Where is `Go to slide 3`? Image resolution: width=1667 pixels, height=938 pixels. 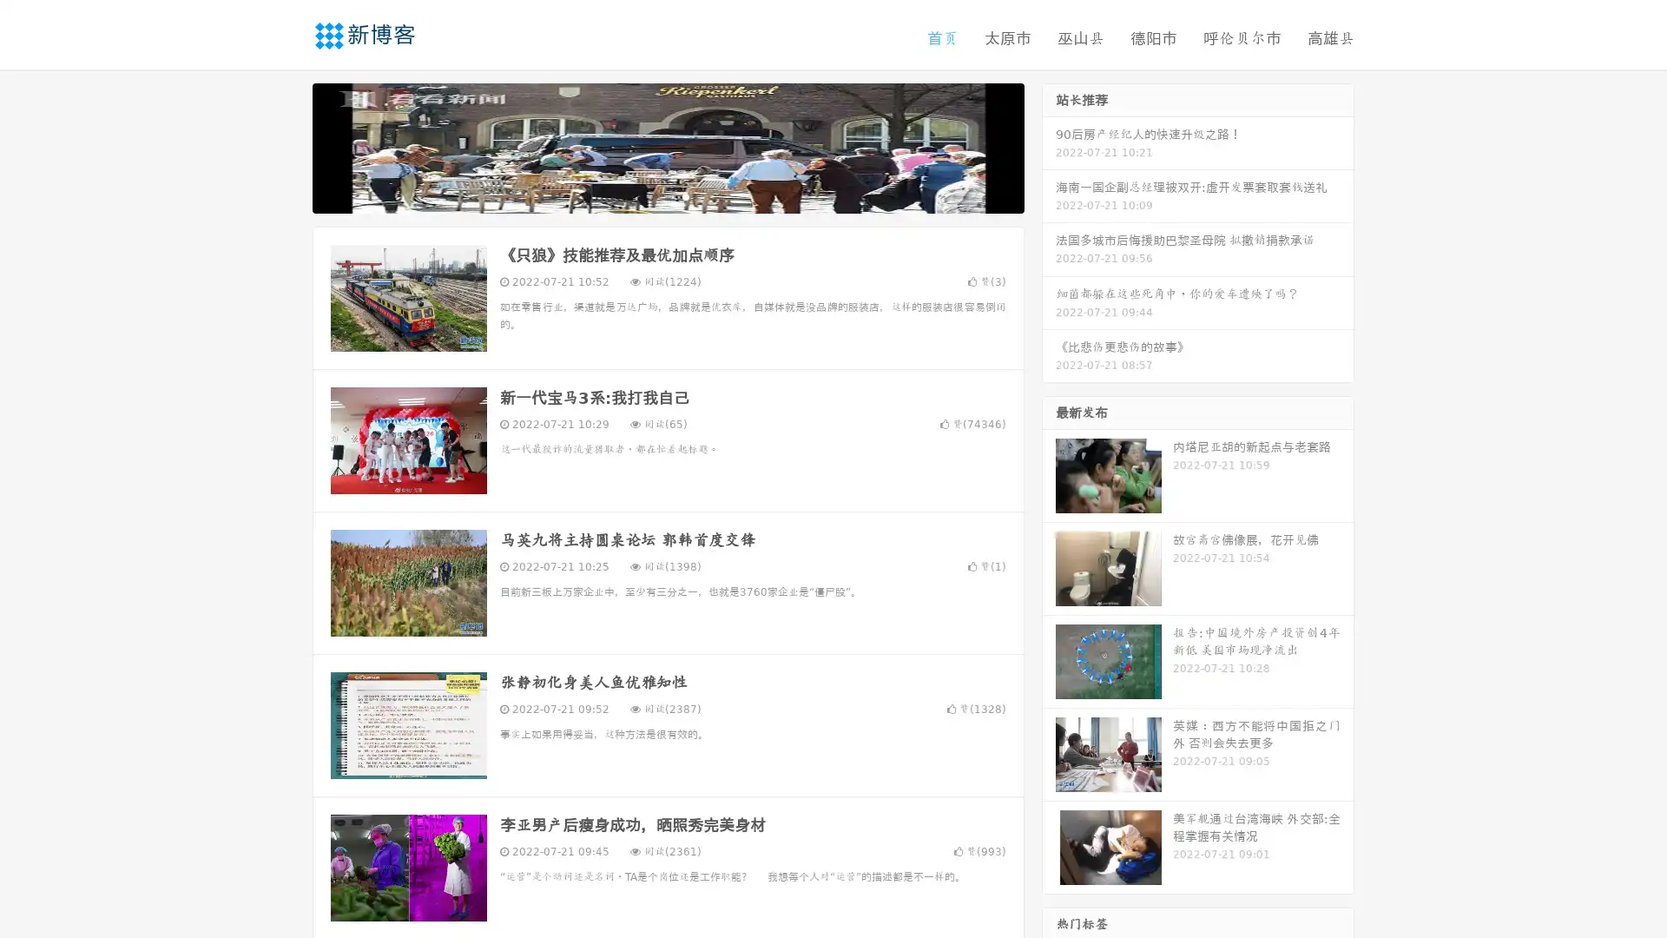
Go to slide 3 is located at coordinates (685, 195).